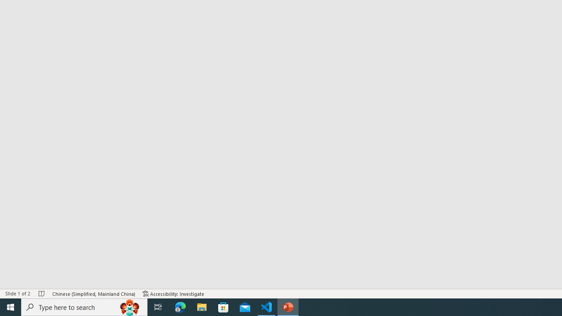  I want to click on 'Accessibility Checker Accessibility: Investigate', so click(173, 294).